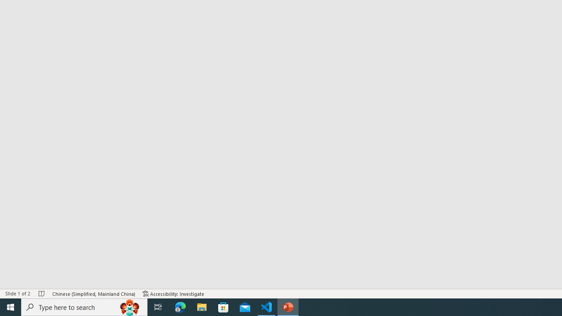  I want to click on 'Accessibility Checker Accessibility: Investigate', so click(173, 294).